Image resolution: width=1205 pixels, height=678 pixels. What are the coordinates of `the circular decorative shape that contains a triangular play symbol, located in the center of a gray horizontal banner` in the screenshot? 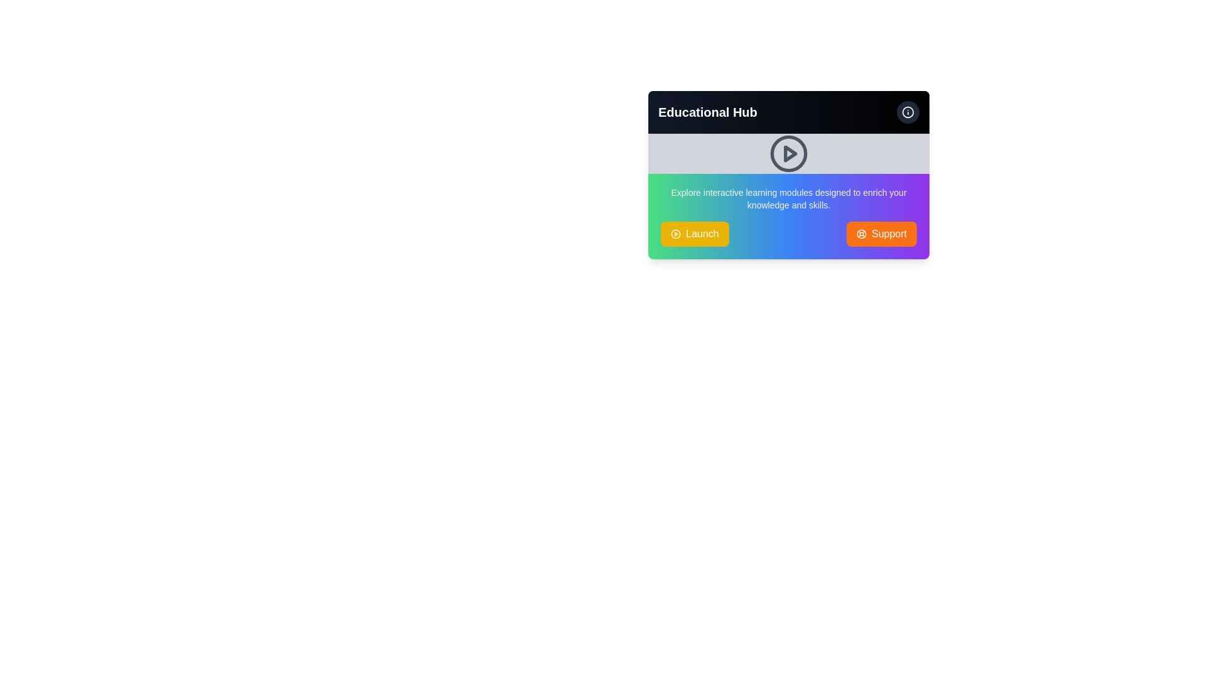 It's located at (788, 152).